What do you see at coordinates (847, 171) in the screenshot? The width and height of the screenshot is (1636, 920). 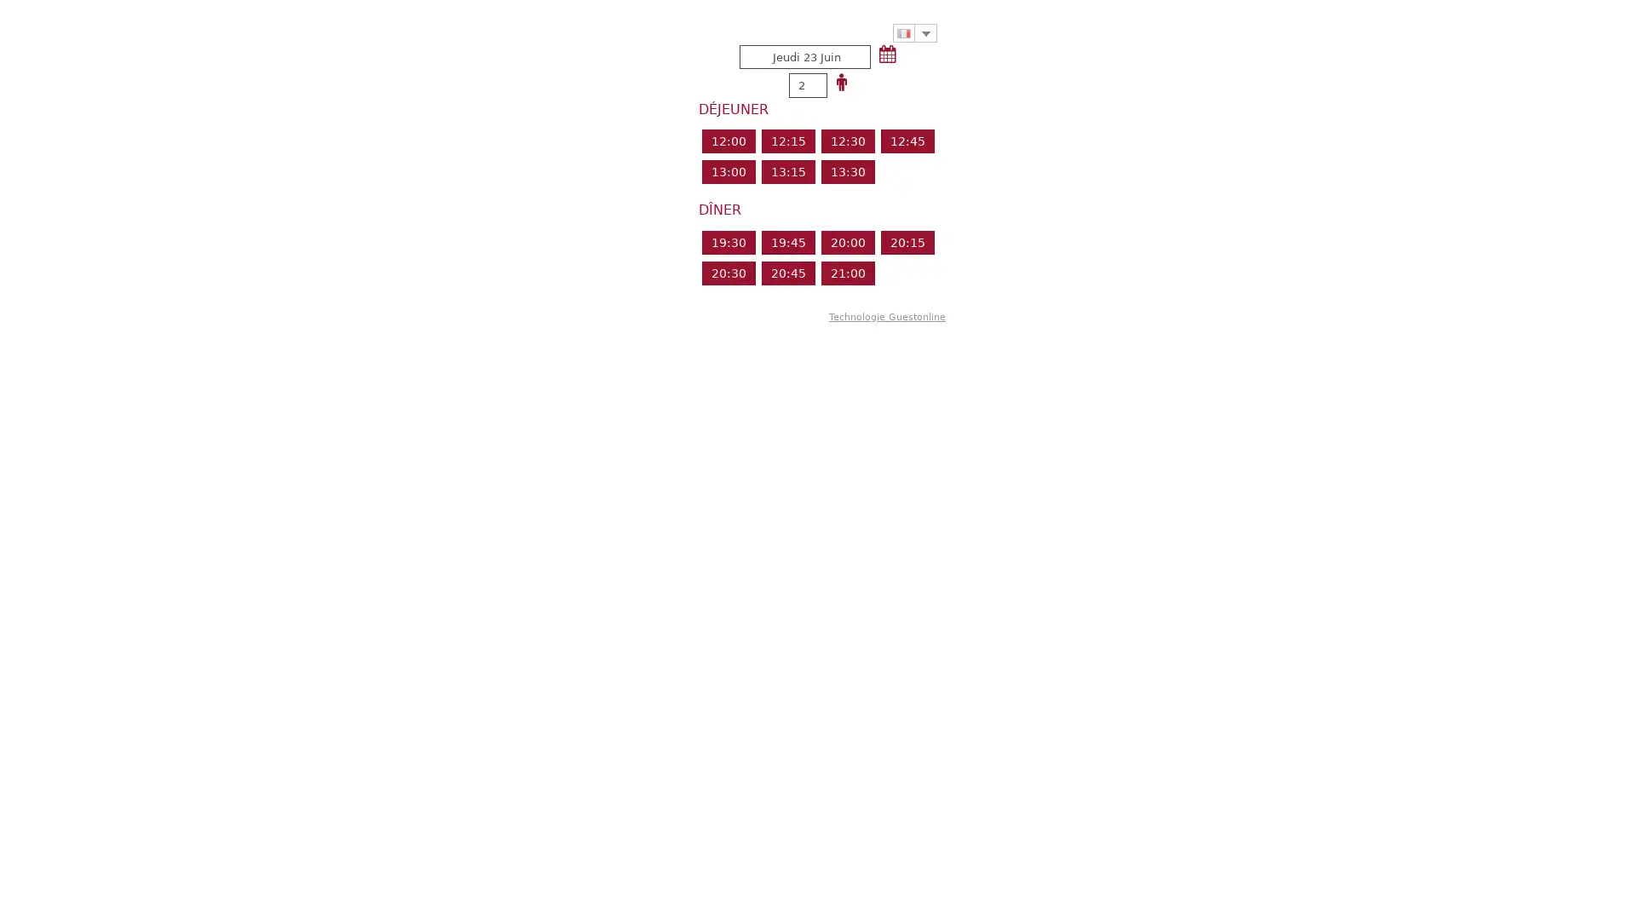 I see `13:30` at bounding box center [847, 171].